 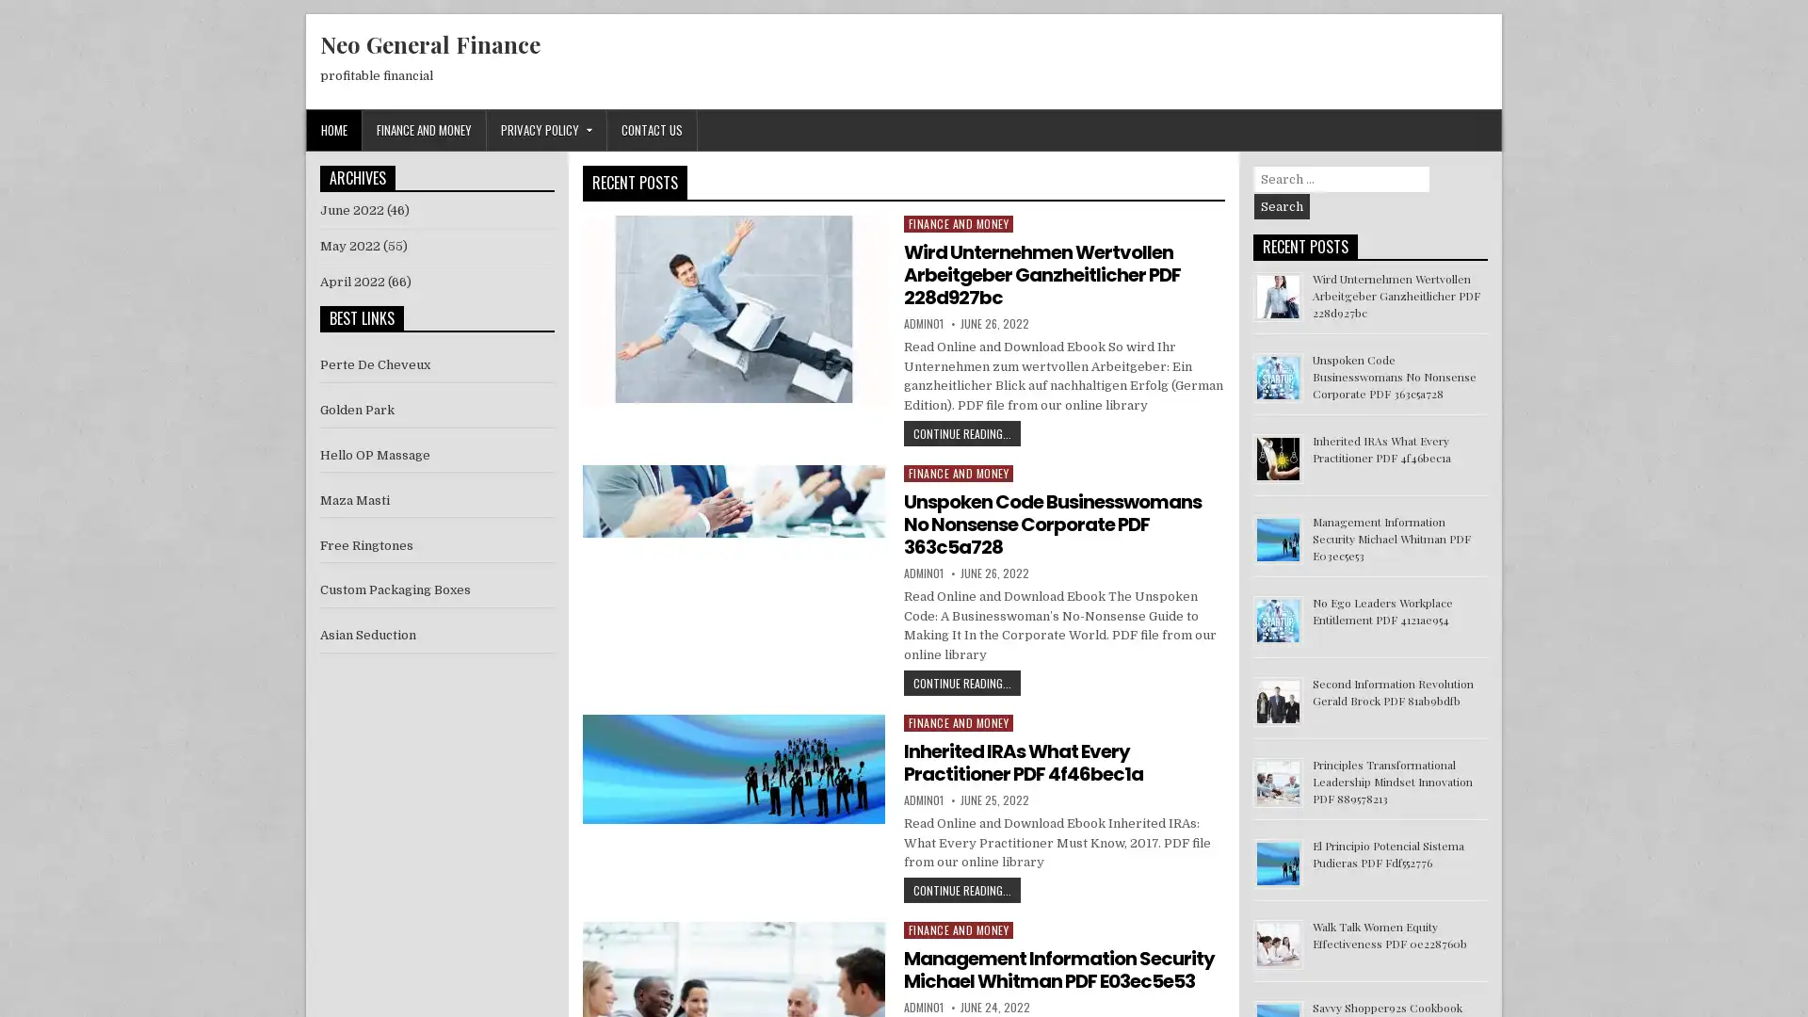 I want to click on Search, so click(x=1281, y=206).